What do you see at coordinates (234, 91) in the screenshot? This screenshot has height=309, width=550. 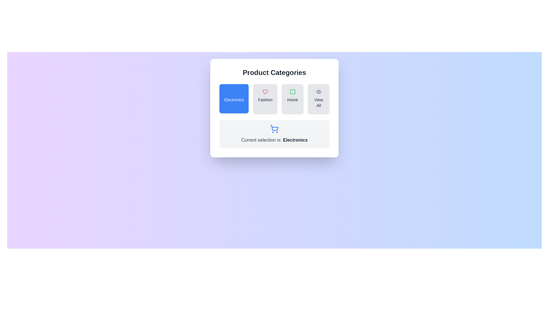 I see `the SVG Circle with a thin blue border that indicates a selection in the 'Electronics' category button, which is the first in a horizontal set of four category buttons` at bounding box center [234, 91].